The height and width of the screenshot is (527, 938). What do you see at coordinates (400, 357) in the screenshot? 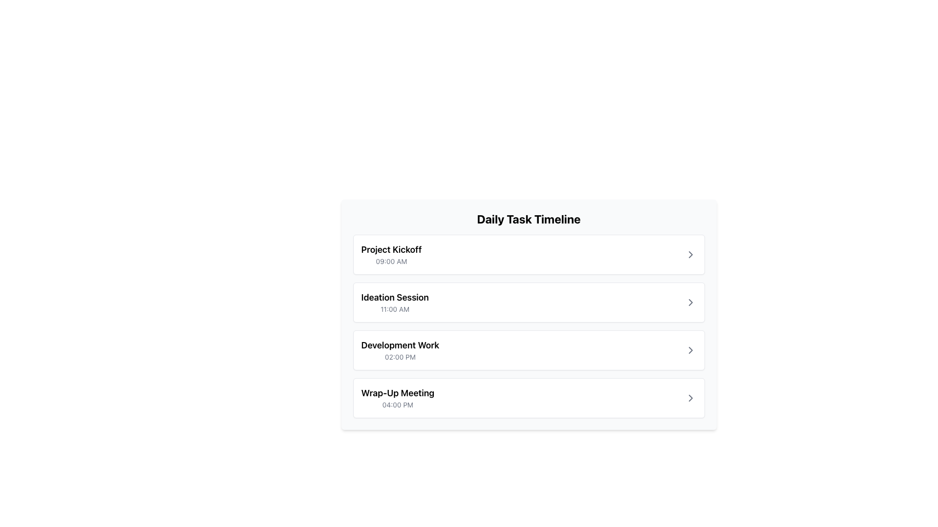
I see `the informational text label that displays the scheduled time for the 'Development Work' task, which is located below the 'Development Work' text in the timeline entry` at bounding box center [400, 357].